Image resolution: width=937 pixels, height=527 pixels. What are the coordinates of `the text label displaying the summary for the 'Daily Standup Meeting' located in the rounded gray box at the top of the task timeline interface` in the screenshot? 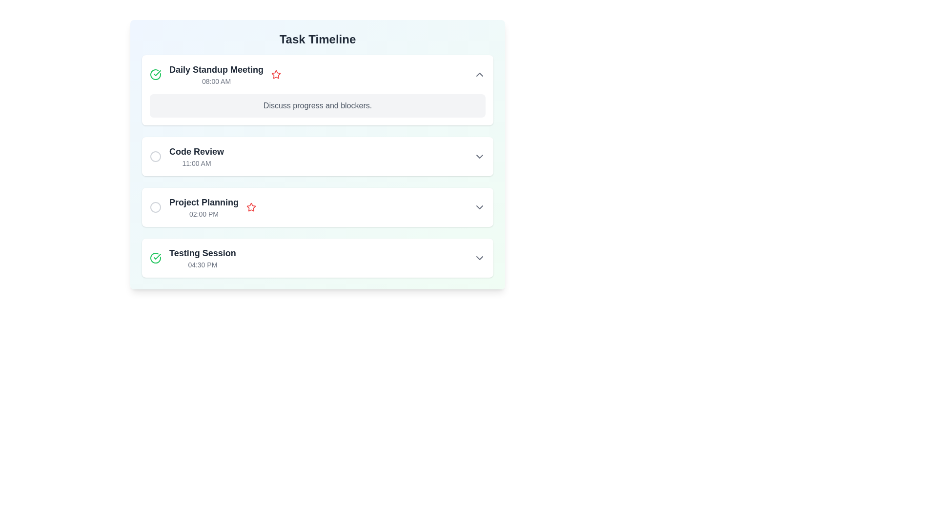 It's located at (318, 105).